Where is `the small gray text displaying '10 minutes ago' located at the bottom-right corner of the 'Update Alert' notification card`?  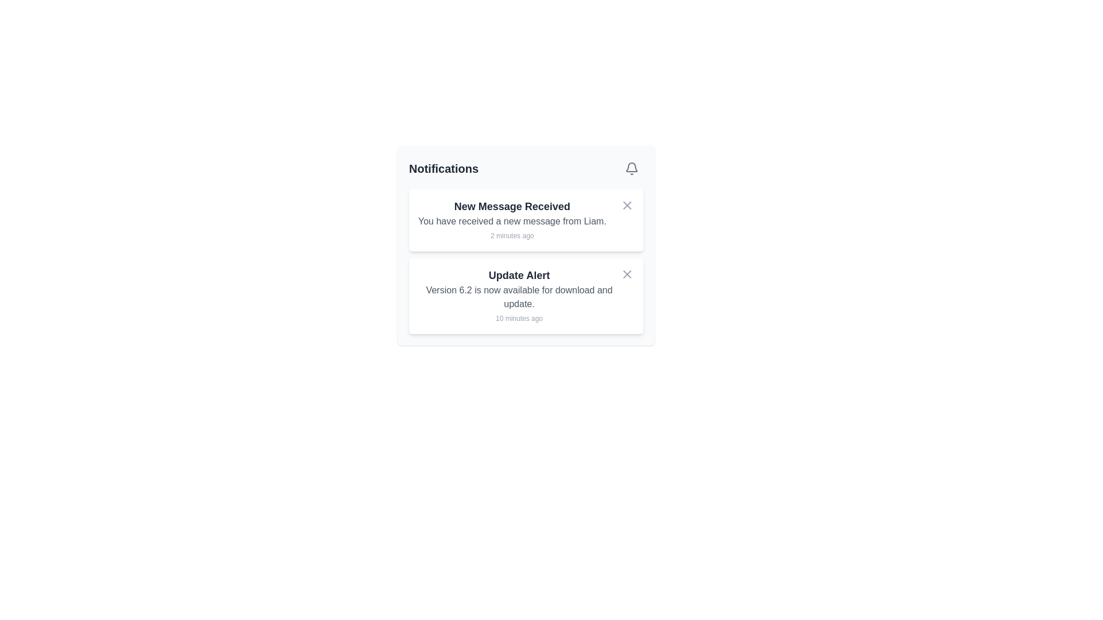
the small gray text displaying '10 minutes ago' located at the bottom-right corner of the 'Update Alert' notification card is located at coordinates (518, 319).